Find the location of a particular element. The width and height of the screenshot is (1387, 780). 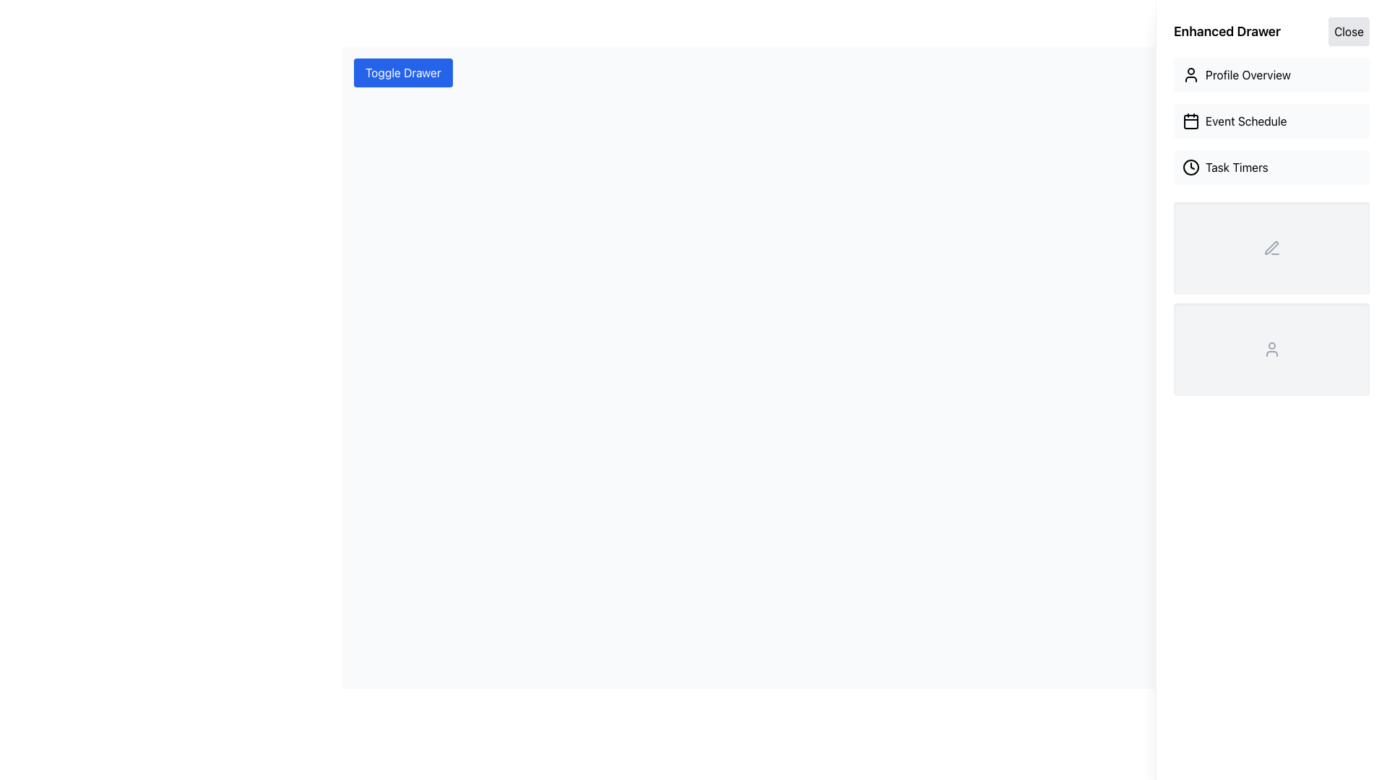

the 'Task Timers' button, which is the third item in the vertical list within the 'Enhanced Drawer' panel is located at coordinates (1271, 166).